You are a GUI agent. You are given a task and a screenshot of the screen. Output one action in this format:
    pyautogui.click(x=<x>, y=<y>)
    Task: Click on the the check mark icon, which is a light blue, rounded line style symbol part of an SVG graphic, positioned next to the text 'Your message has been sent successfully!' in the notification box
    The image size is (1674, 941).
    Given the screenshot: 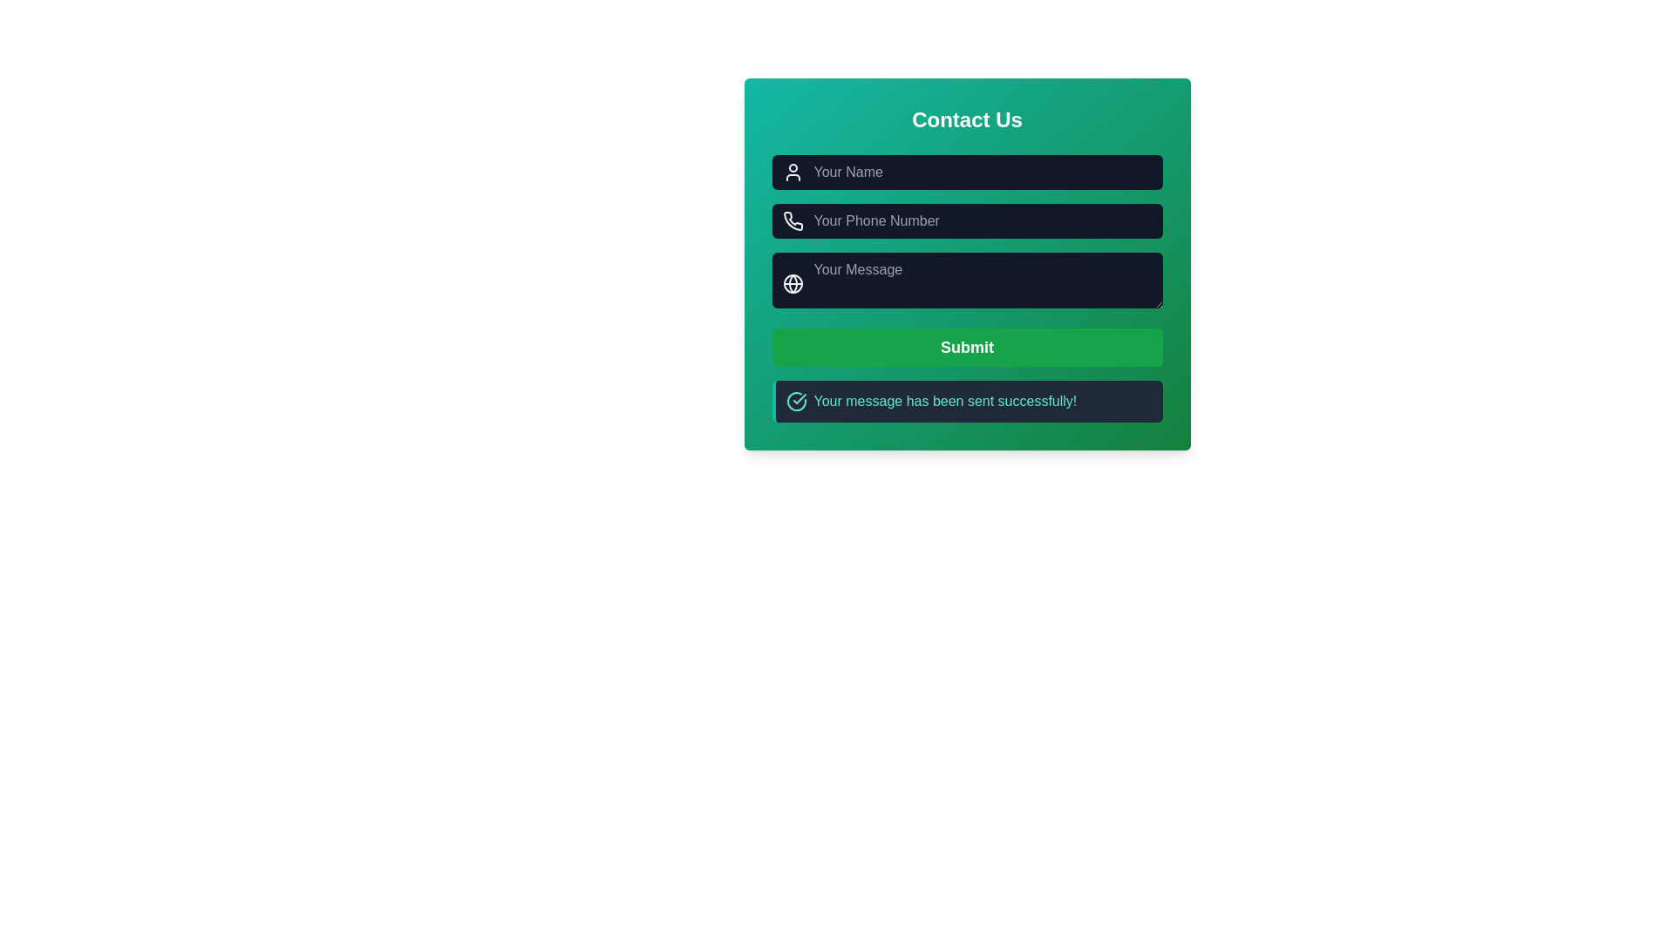 What is the action you would take?
    pyautogui.click(x=798, y=399)
    